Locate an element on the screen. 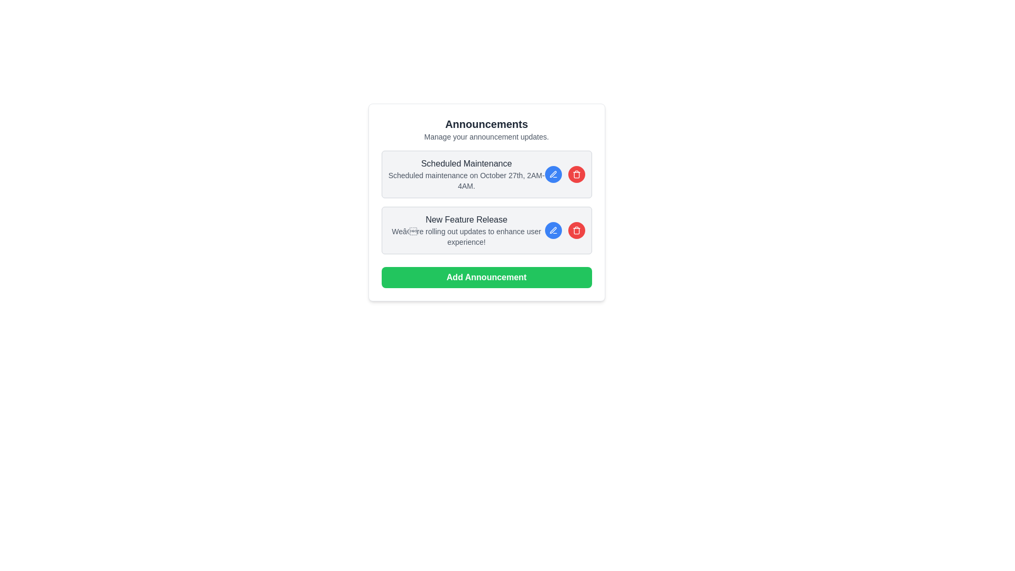  the delete icon button located in the second row of announcement items, positioned to the far right side is located at coordinates (576, 174).